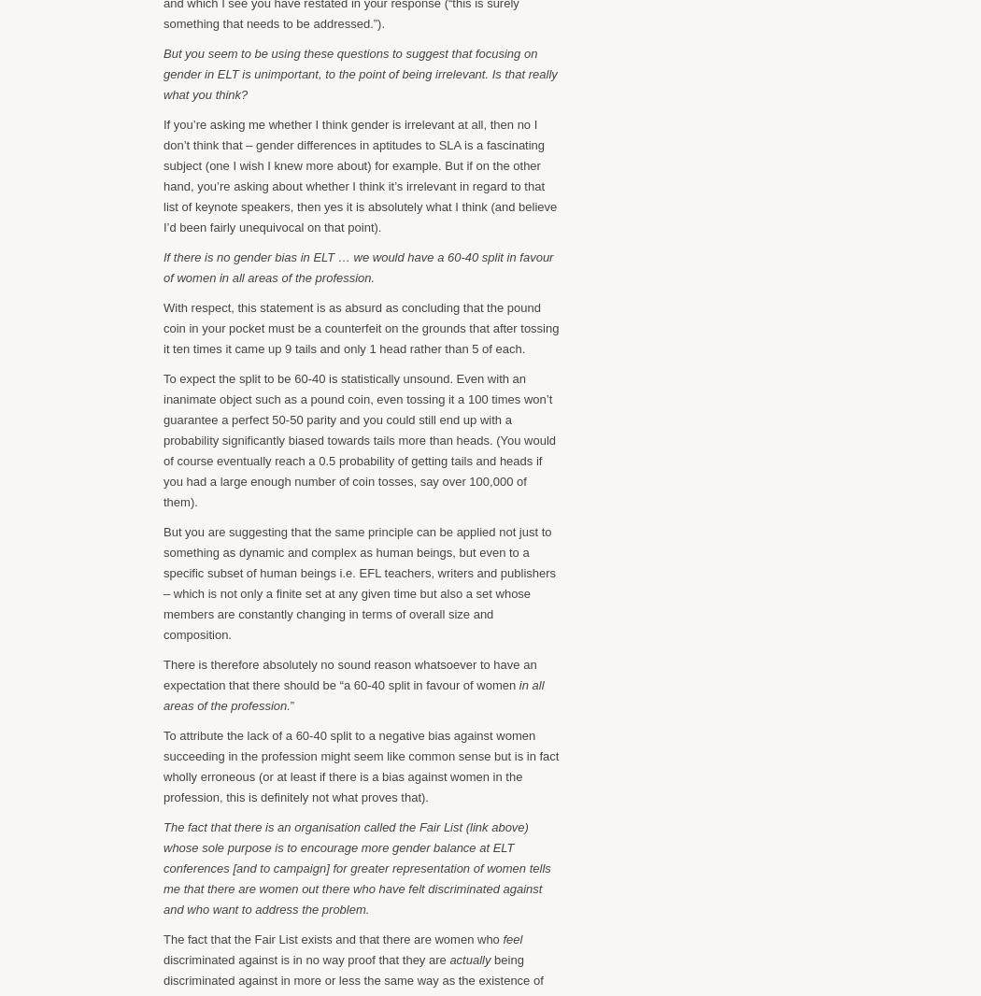  Describe the element at coordinates (356, 867) in the screenshot. I see `'The fact that there is an organisation called the Fair List (link above) whose sole purpose is to encourage more gender balance at ELT conferences [and to campaign] for greater representation of women tells me that there are women out there who have felt discriminated against and who want to address the problem.'` at that location.